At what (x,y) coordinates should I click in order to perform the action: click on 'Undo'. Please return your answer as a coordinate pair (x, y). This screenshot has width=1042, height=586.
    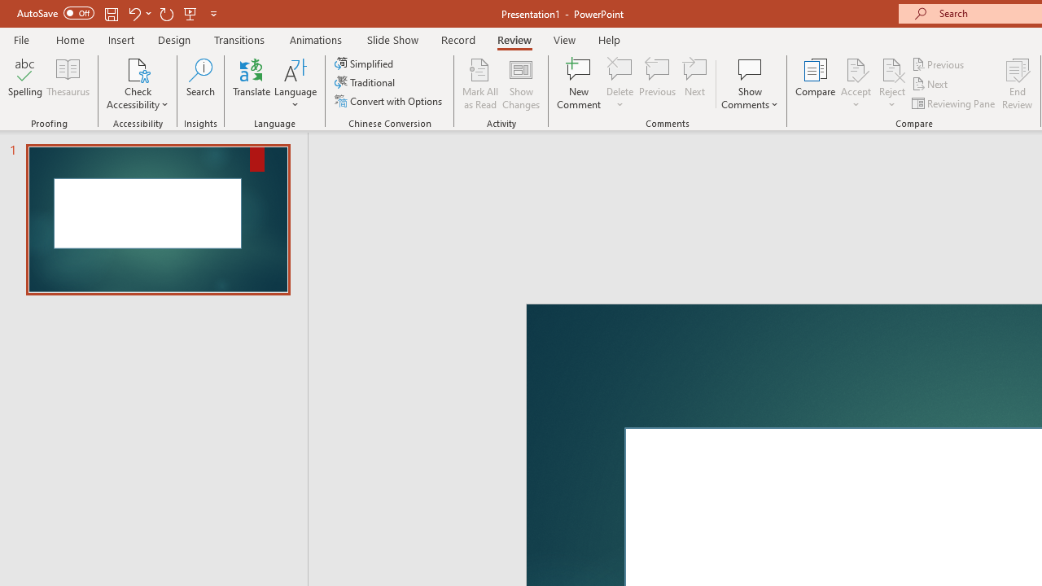
    Looking at the image, I should click on (138, 13).